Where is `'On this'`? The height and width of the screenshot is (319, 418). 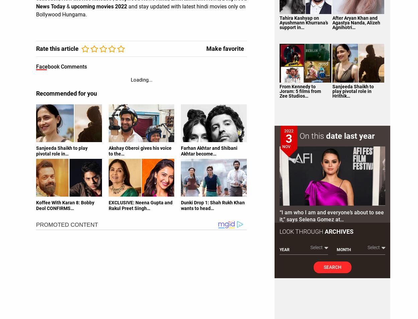
'On this' is located at coordinates (300, 136).